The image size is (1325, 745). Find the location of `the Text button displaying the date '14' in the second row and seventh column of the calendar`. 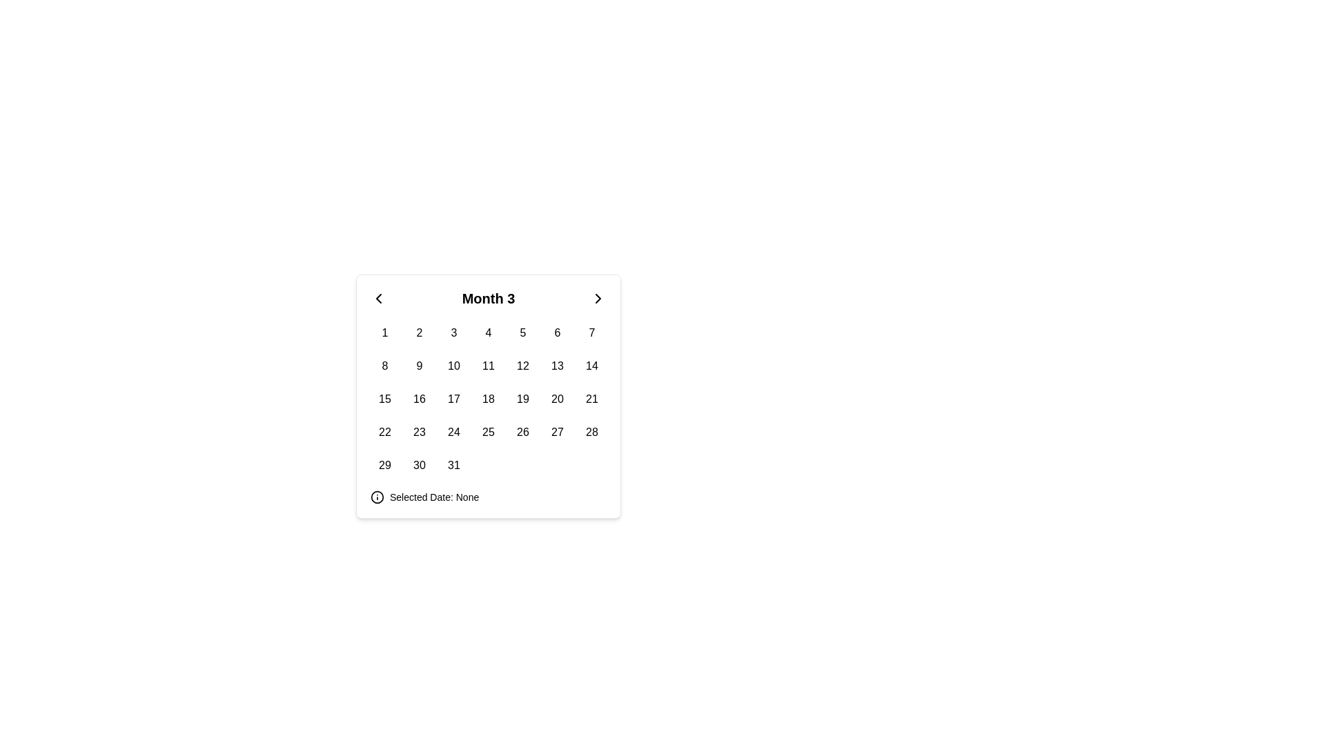

the Text button displaying the date '14' in the second row and seventh column of the calendar is located at coordinates (592, 366).